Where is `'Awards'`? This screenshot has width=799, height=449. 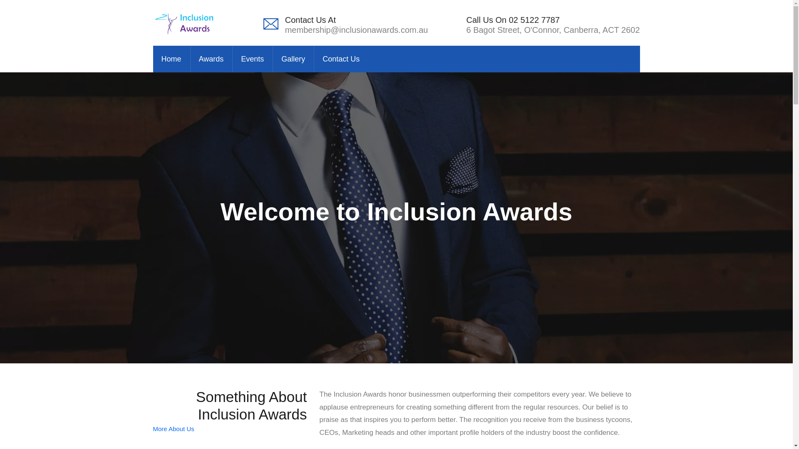 'Awards' is located at coordinates (189, 59).